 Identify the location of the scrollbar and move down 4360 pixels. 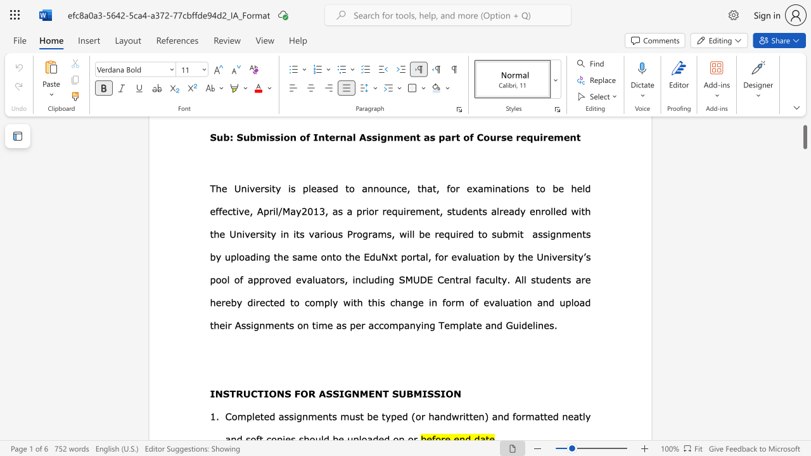
(804, 134).